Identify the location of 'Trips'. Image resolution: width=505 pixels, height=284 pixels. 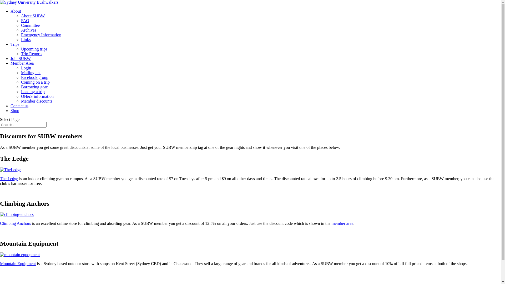
(15, 44).